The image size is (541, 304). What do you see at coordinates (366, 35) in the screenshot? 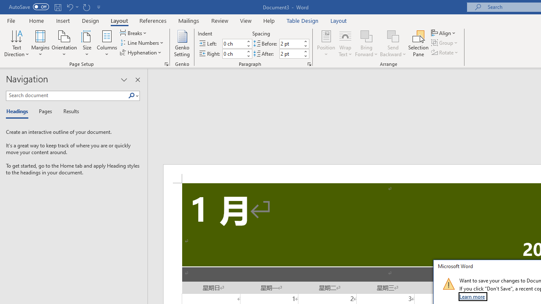
I see `'Bring Forward'` at bounding box center [366, 35].